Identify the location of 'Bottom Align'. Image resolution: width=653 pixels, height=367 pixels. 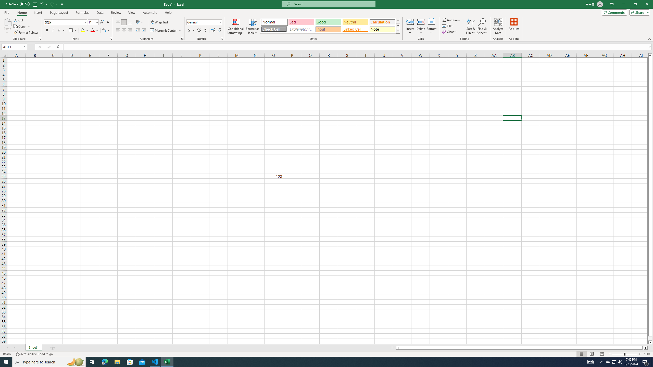
(130, 22).